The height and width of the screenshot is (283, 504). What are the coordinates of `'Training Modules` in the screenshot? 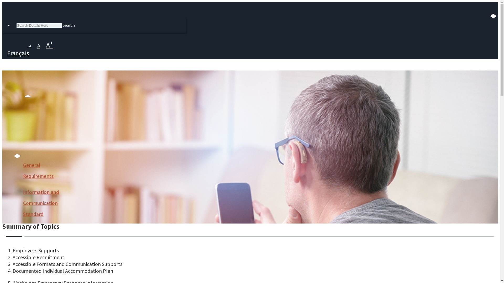 It's located at (31, 151).